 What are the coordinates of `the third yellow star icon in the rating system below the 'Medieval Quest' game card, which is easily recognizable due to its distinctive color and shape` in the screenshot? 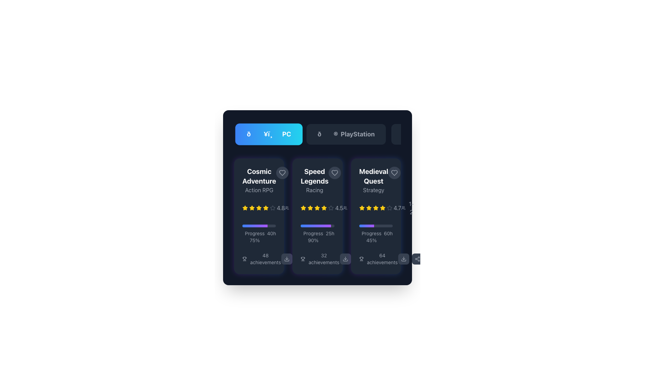 It's located at (382, 207).